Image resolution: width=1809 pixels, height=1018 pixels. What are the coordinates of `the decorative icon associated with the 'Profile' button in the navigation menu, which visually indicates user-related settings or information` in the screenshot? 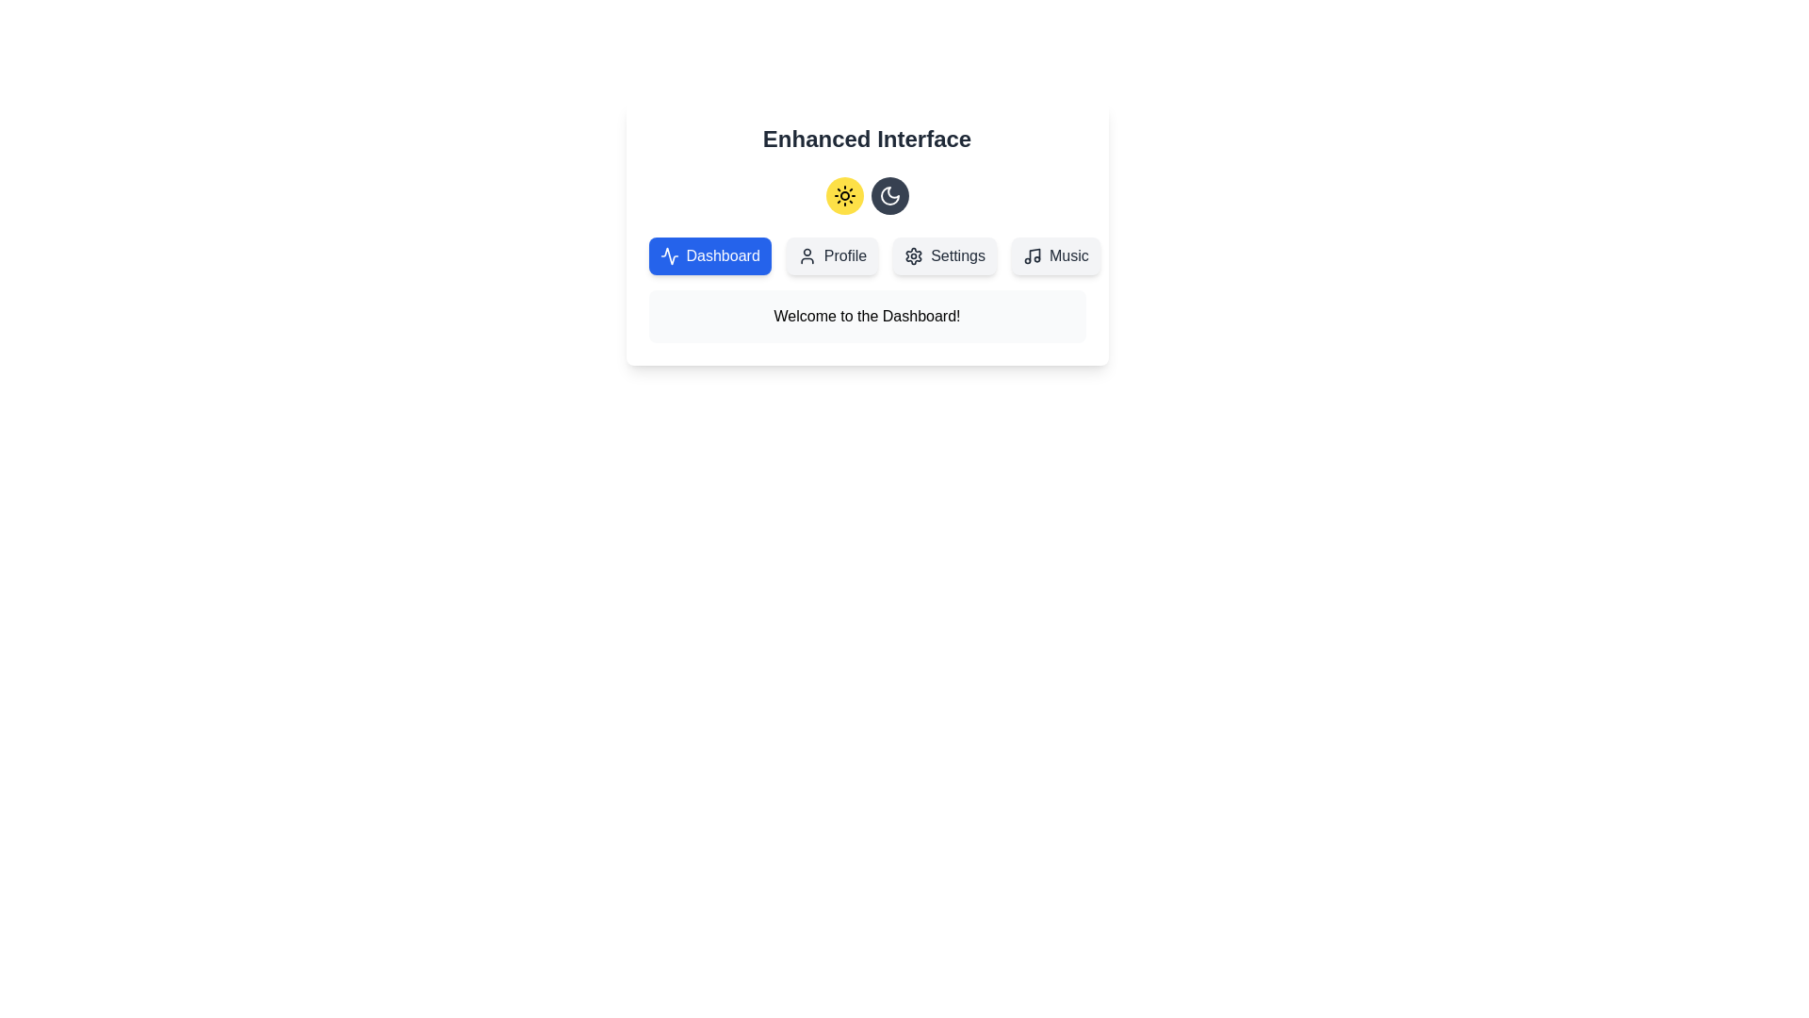 It's located at (807, 256).